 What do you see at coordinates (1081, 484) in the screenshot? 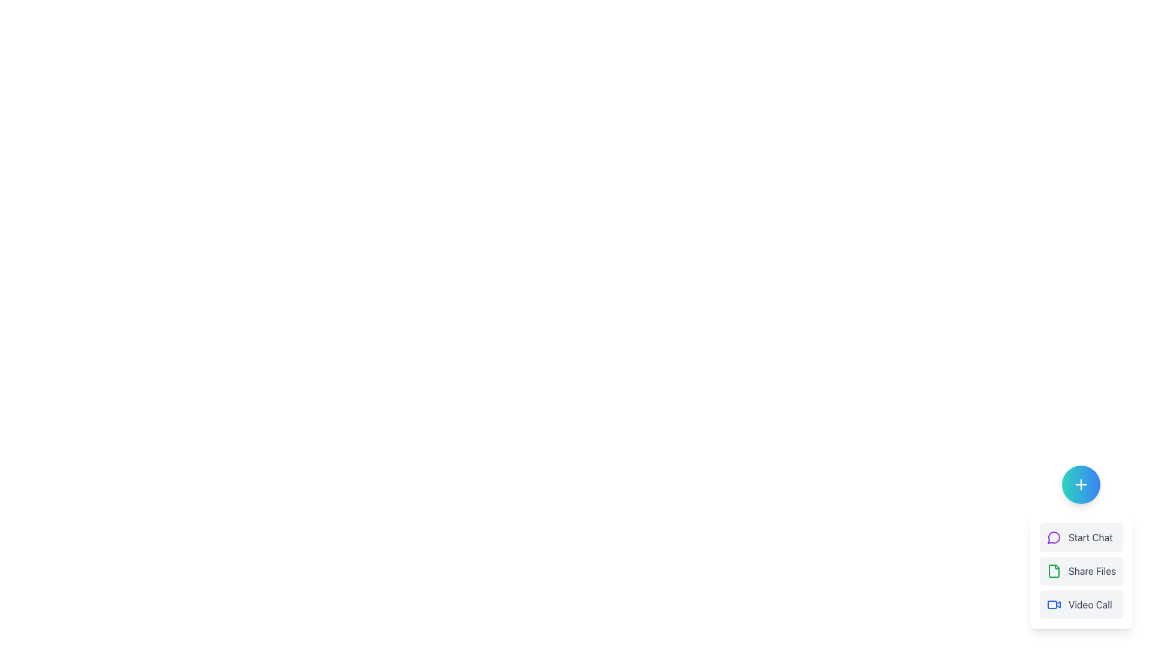
I see `the Circular Icon Button, which is a white plus icon within a turquoise-blue circular background, located in the bottom-right corner of the interface` at bounding box center [1081, 484].